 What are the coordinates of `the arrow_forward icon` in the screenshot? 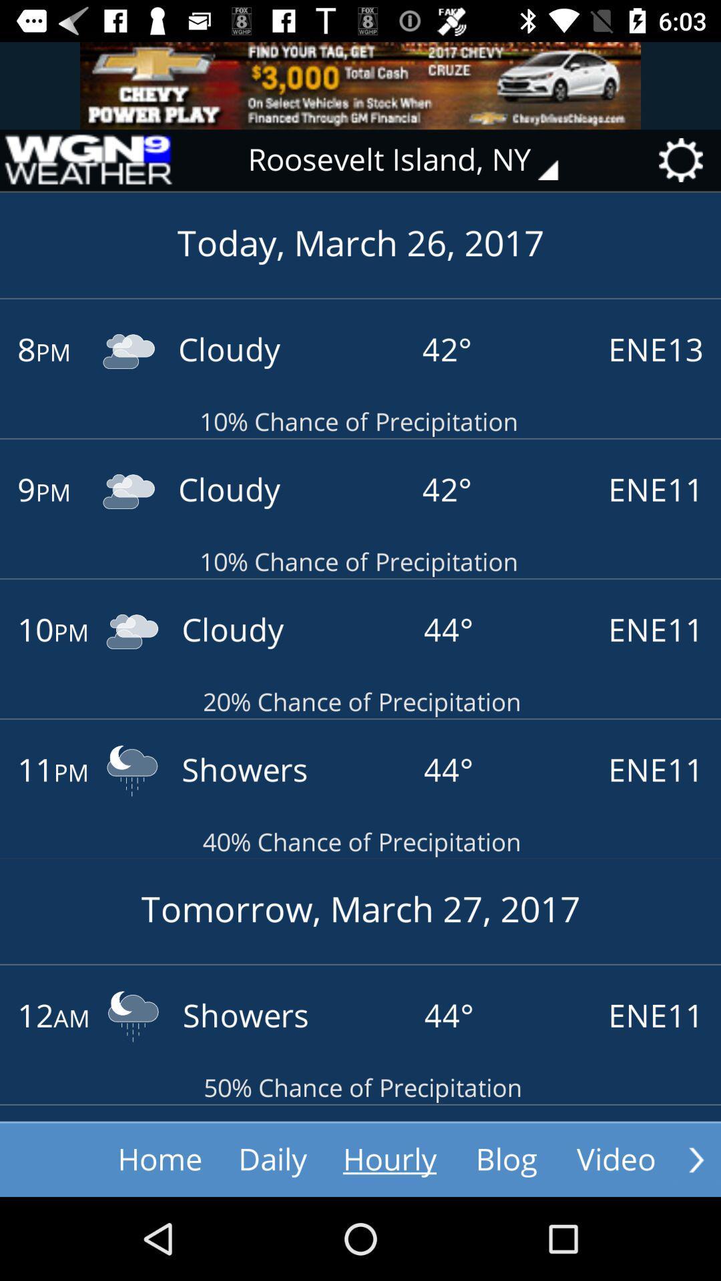 It's located at (696, 1159).